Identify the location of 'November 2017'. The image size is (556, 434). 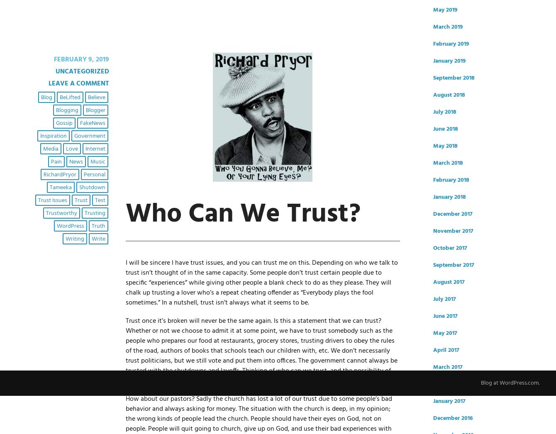
(453, 231).